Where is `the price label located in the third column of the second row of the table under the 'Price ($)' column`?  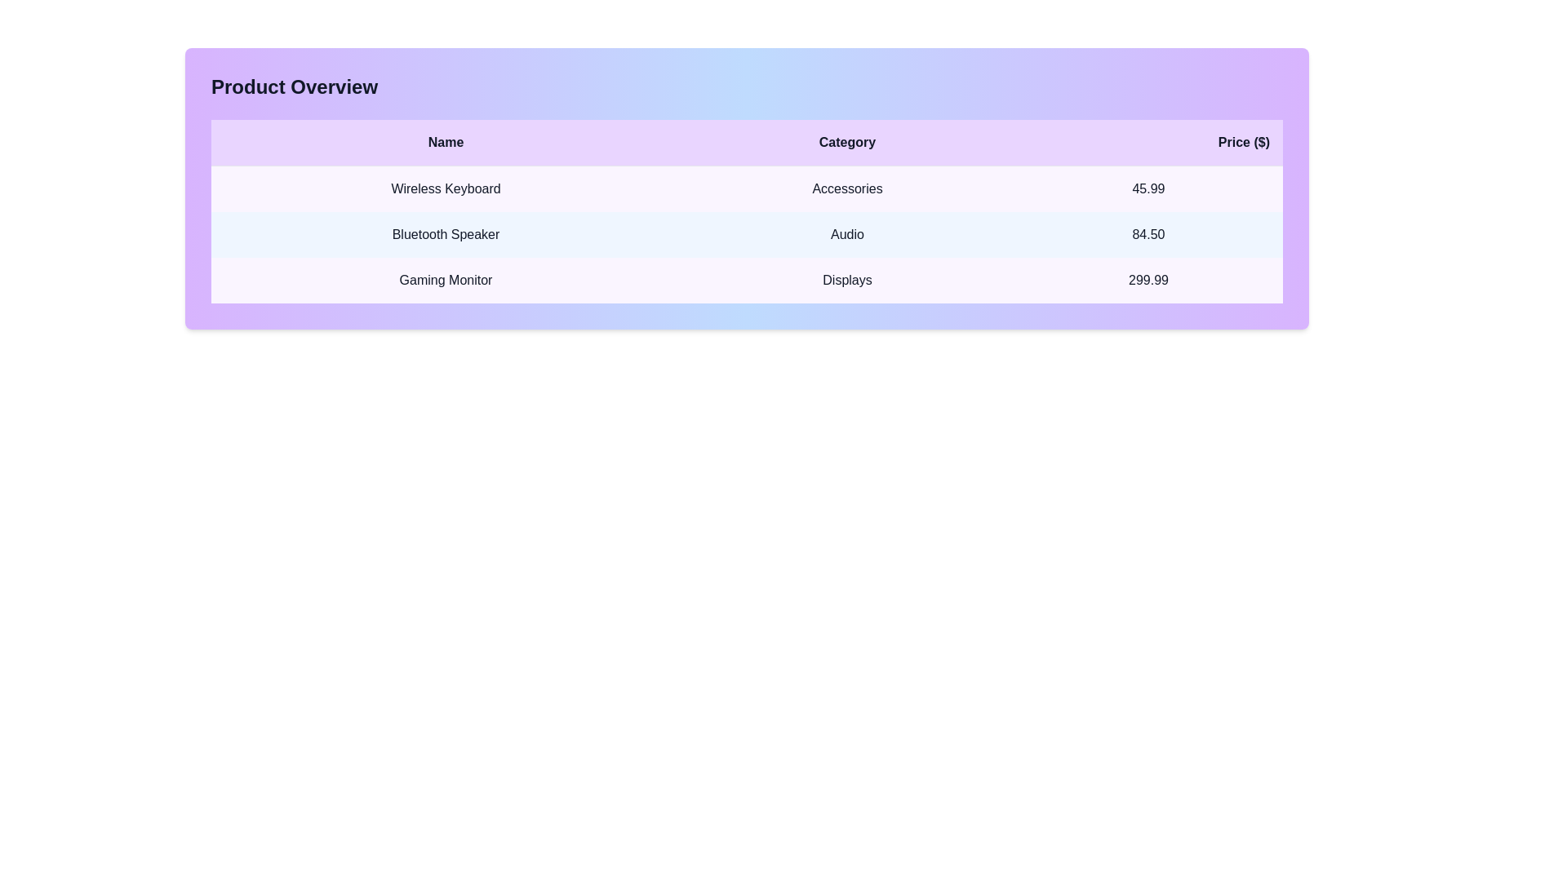 the price label located in the third column of the second row of the table under the 'Price ($)' column is located at coordinates (1148, 235).